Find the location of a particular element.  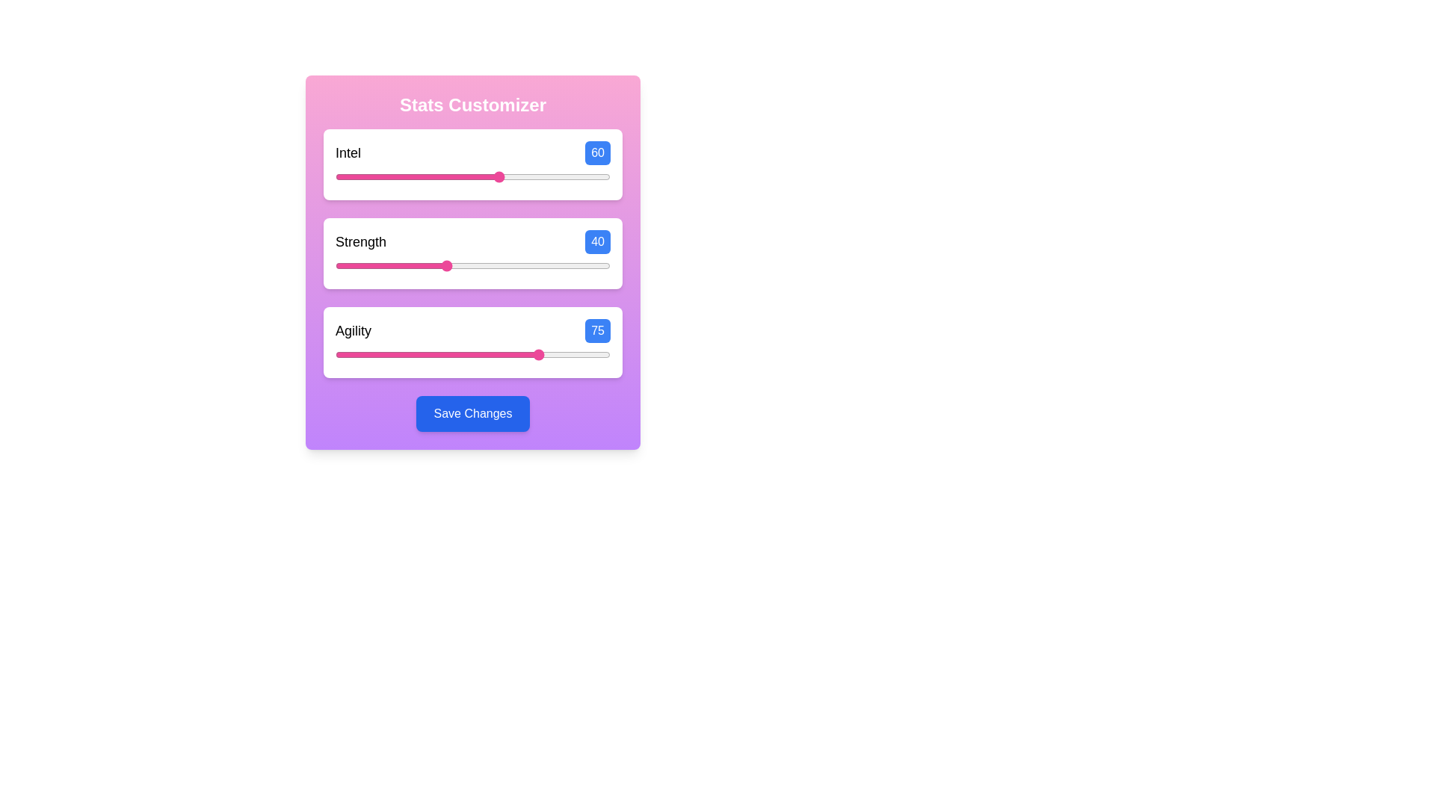

the Strength slider is located at coordinates (514, 265).